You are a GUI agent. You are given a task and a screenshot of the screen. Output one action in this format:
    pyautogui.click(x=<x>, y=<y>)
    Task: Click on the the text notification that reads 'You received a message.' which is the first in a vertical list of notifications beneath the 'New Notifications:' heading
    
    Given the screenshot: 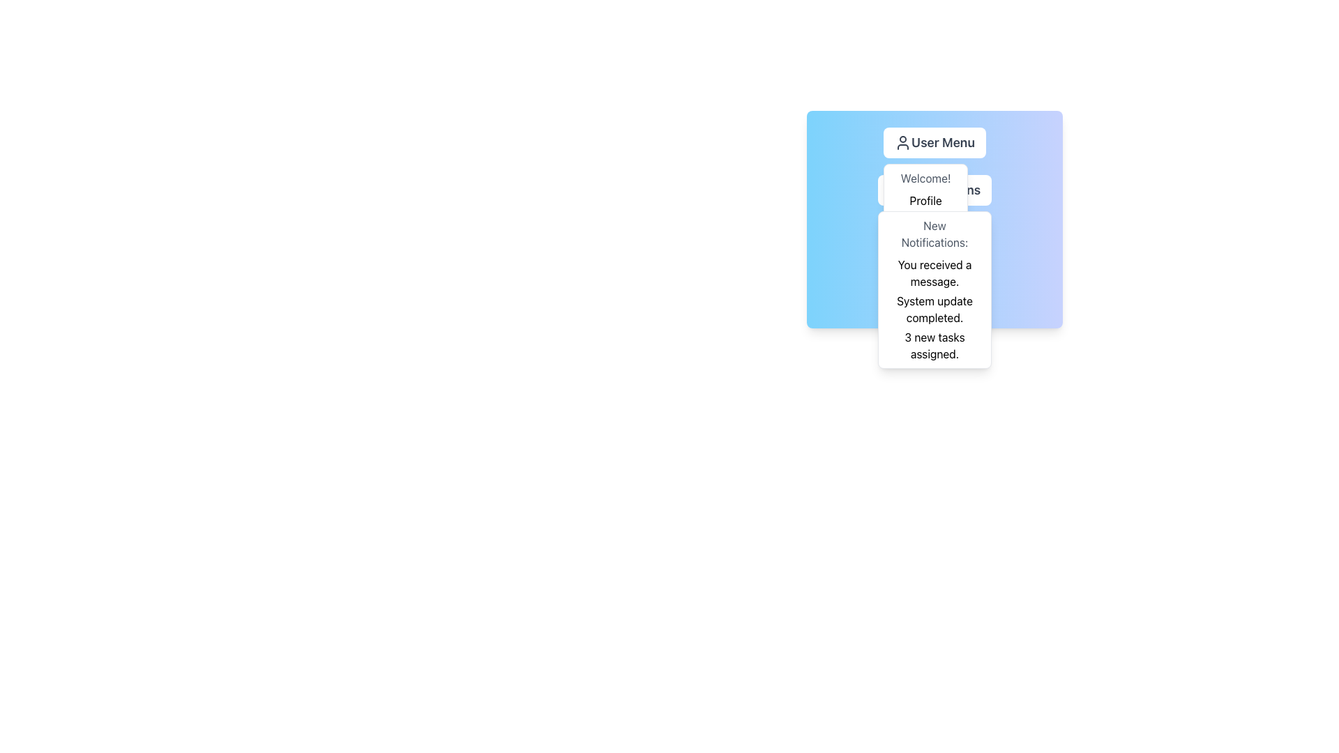 What is the action you would take?
    pyautogui.click(x=935, y=273)
    